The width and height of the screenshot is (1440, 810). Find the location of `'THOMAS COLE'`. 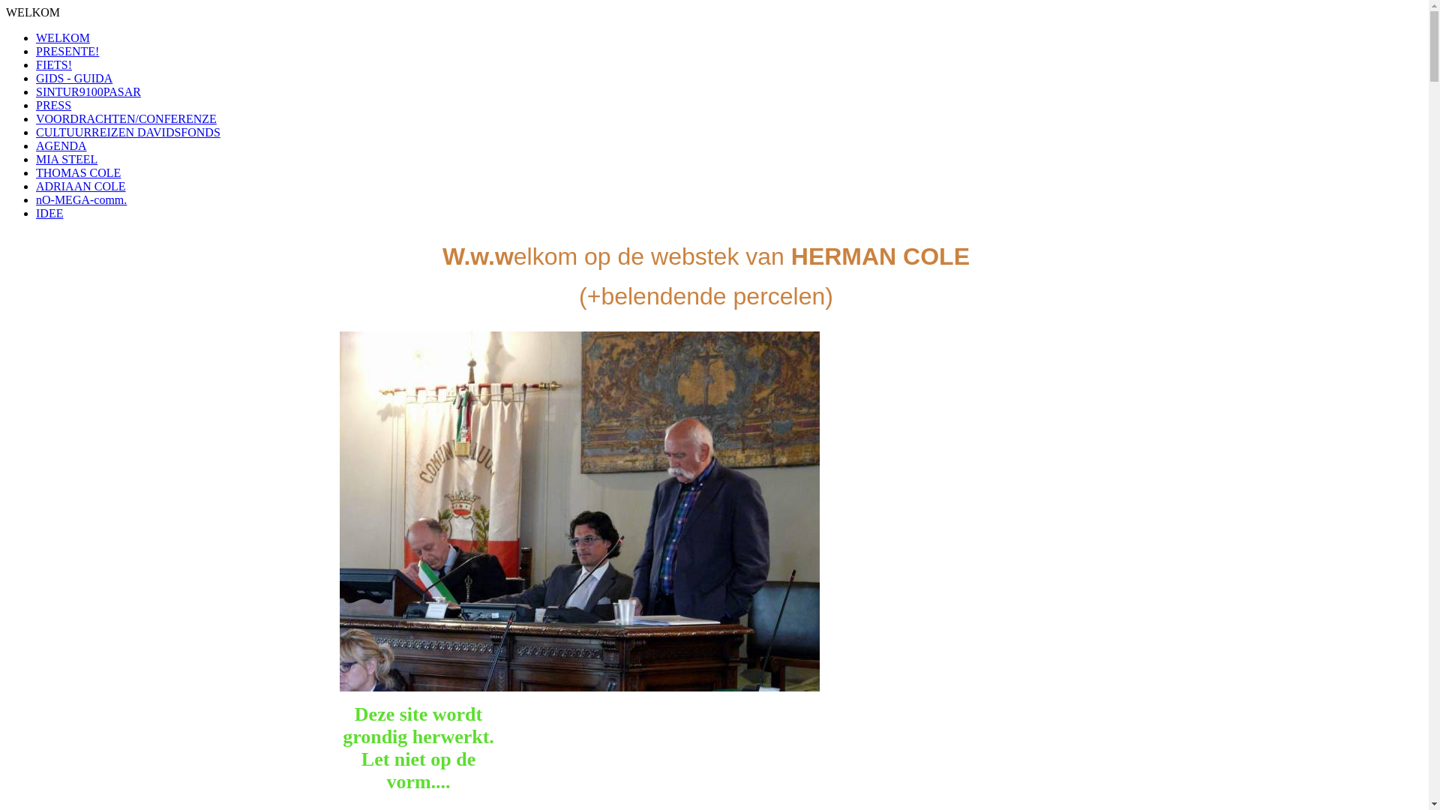

'THOMAS COLE' is located at coordinates (77, 172).